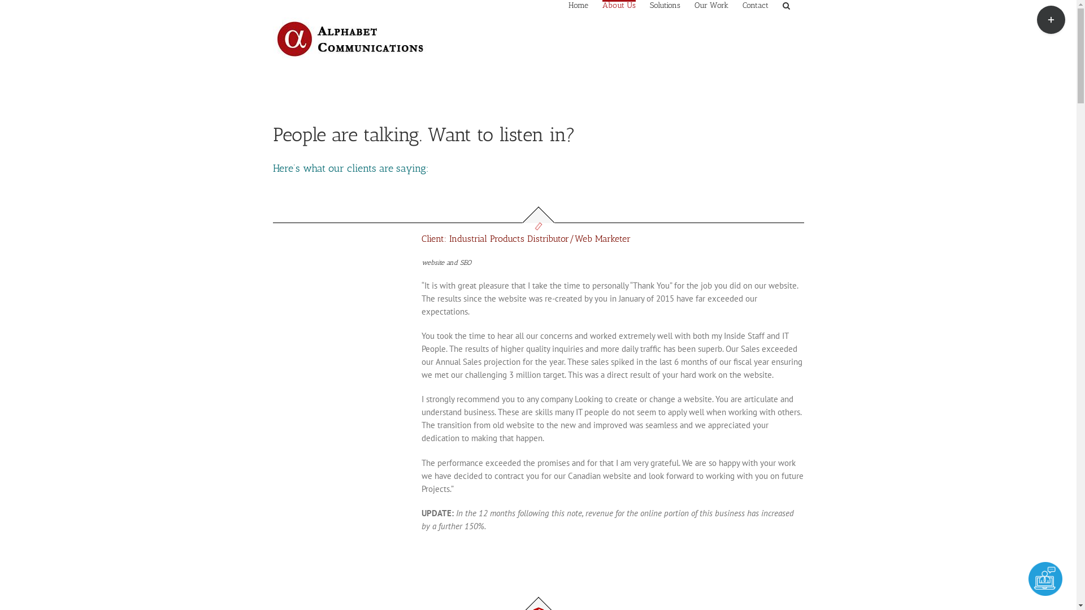 This screenshot has height=610, width=1085. I want to click on 'About Us', so click(601, 5).